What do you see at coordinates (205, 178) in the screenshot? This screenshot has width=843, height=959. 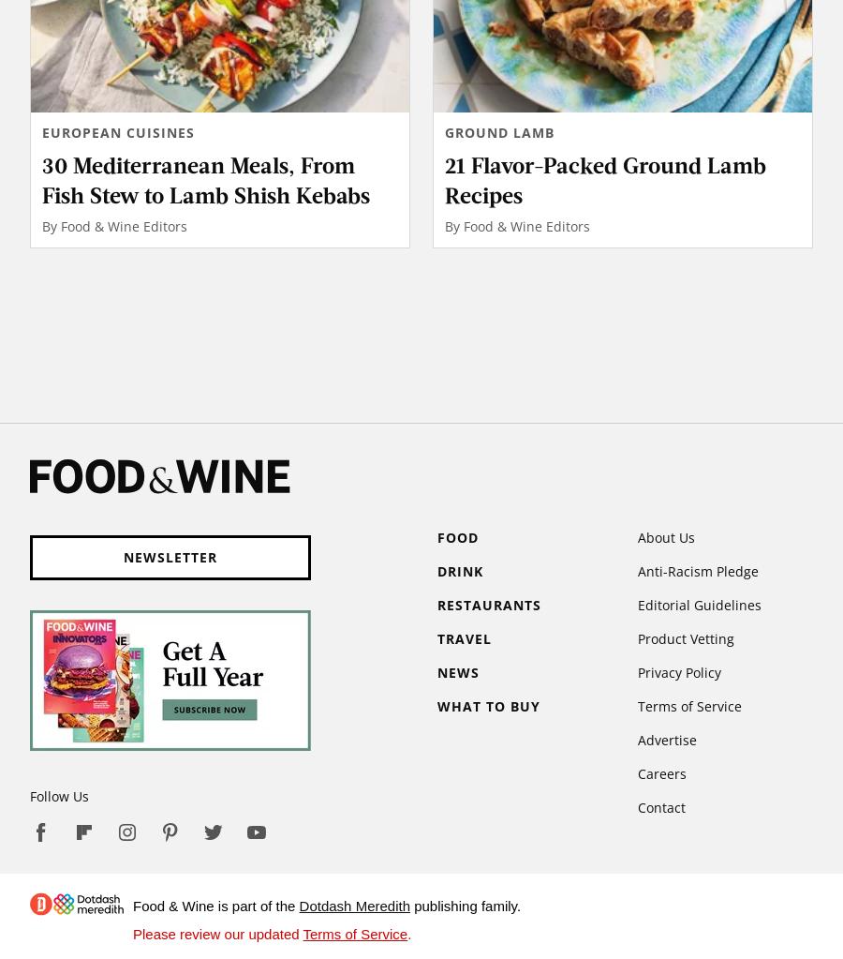 I see `'30 Mediterranean Meals, From Fish Stew to Lamb Shish Kebabs'` at bounding box center [205, 178].